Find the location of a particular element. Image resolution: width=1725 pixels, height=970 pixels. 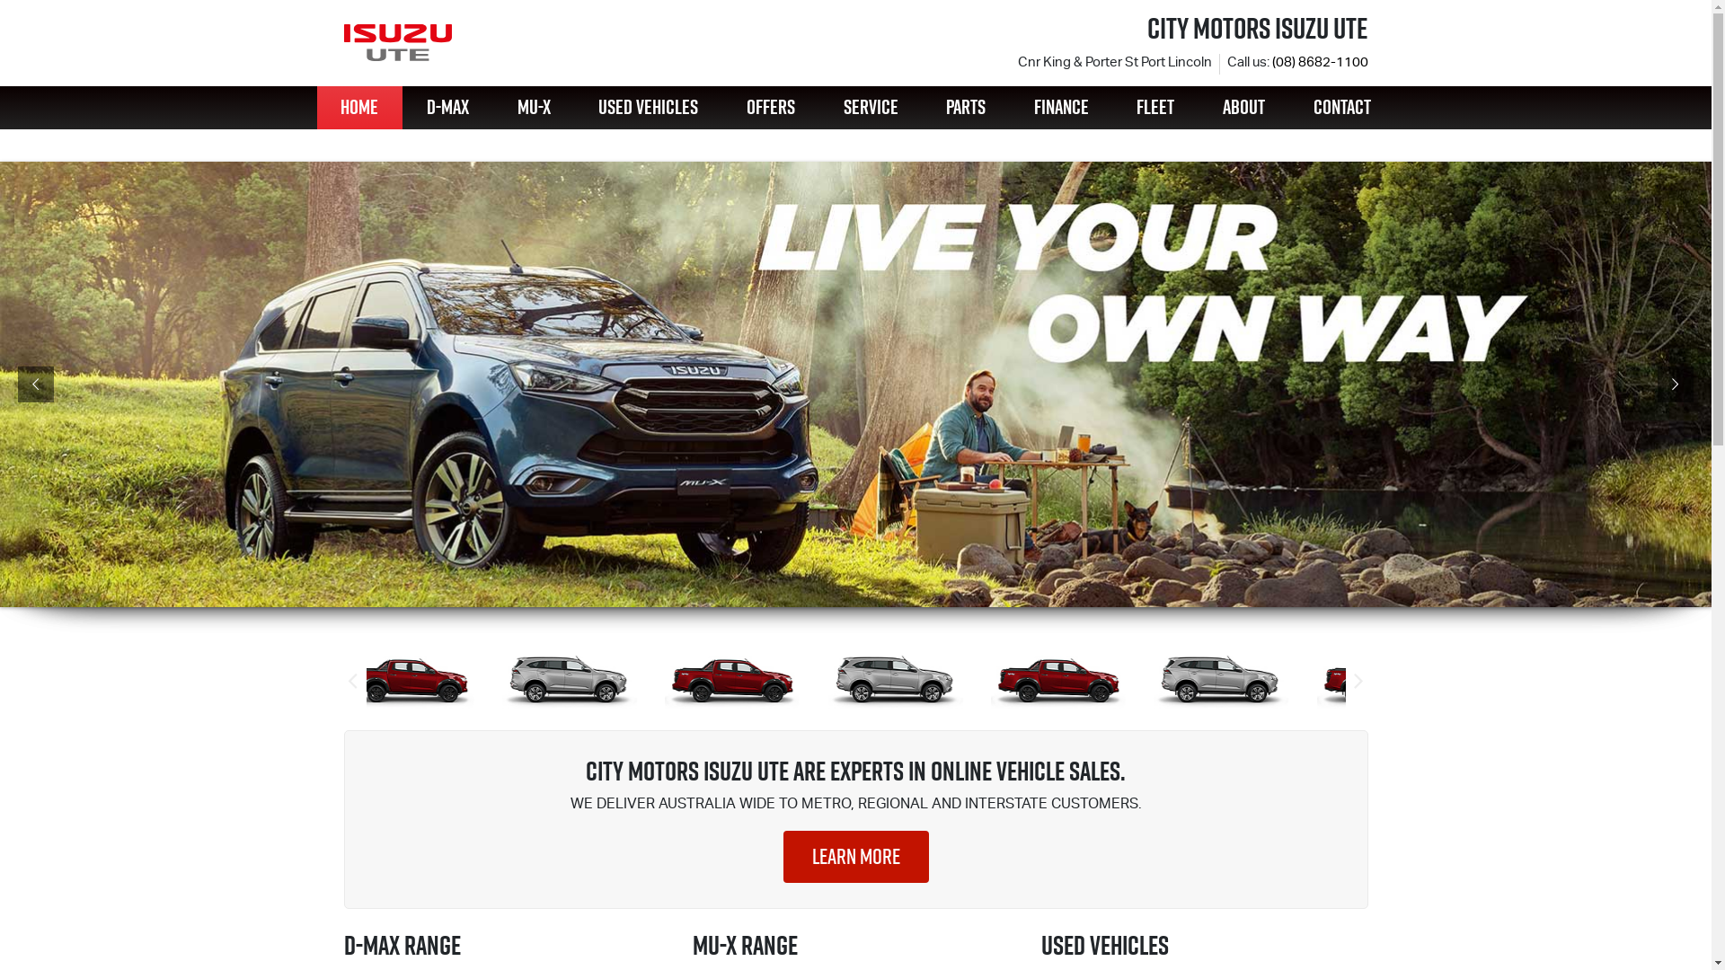

'CONTACT' is located at coordinates (1341, 107).